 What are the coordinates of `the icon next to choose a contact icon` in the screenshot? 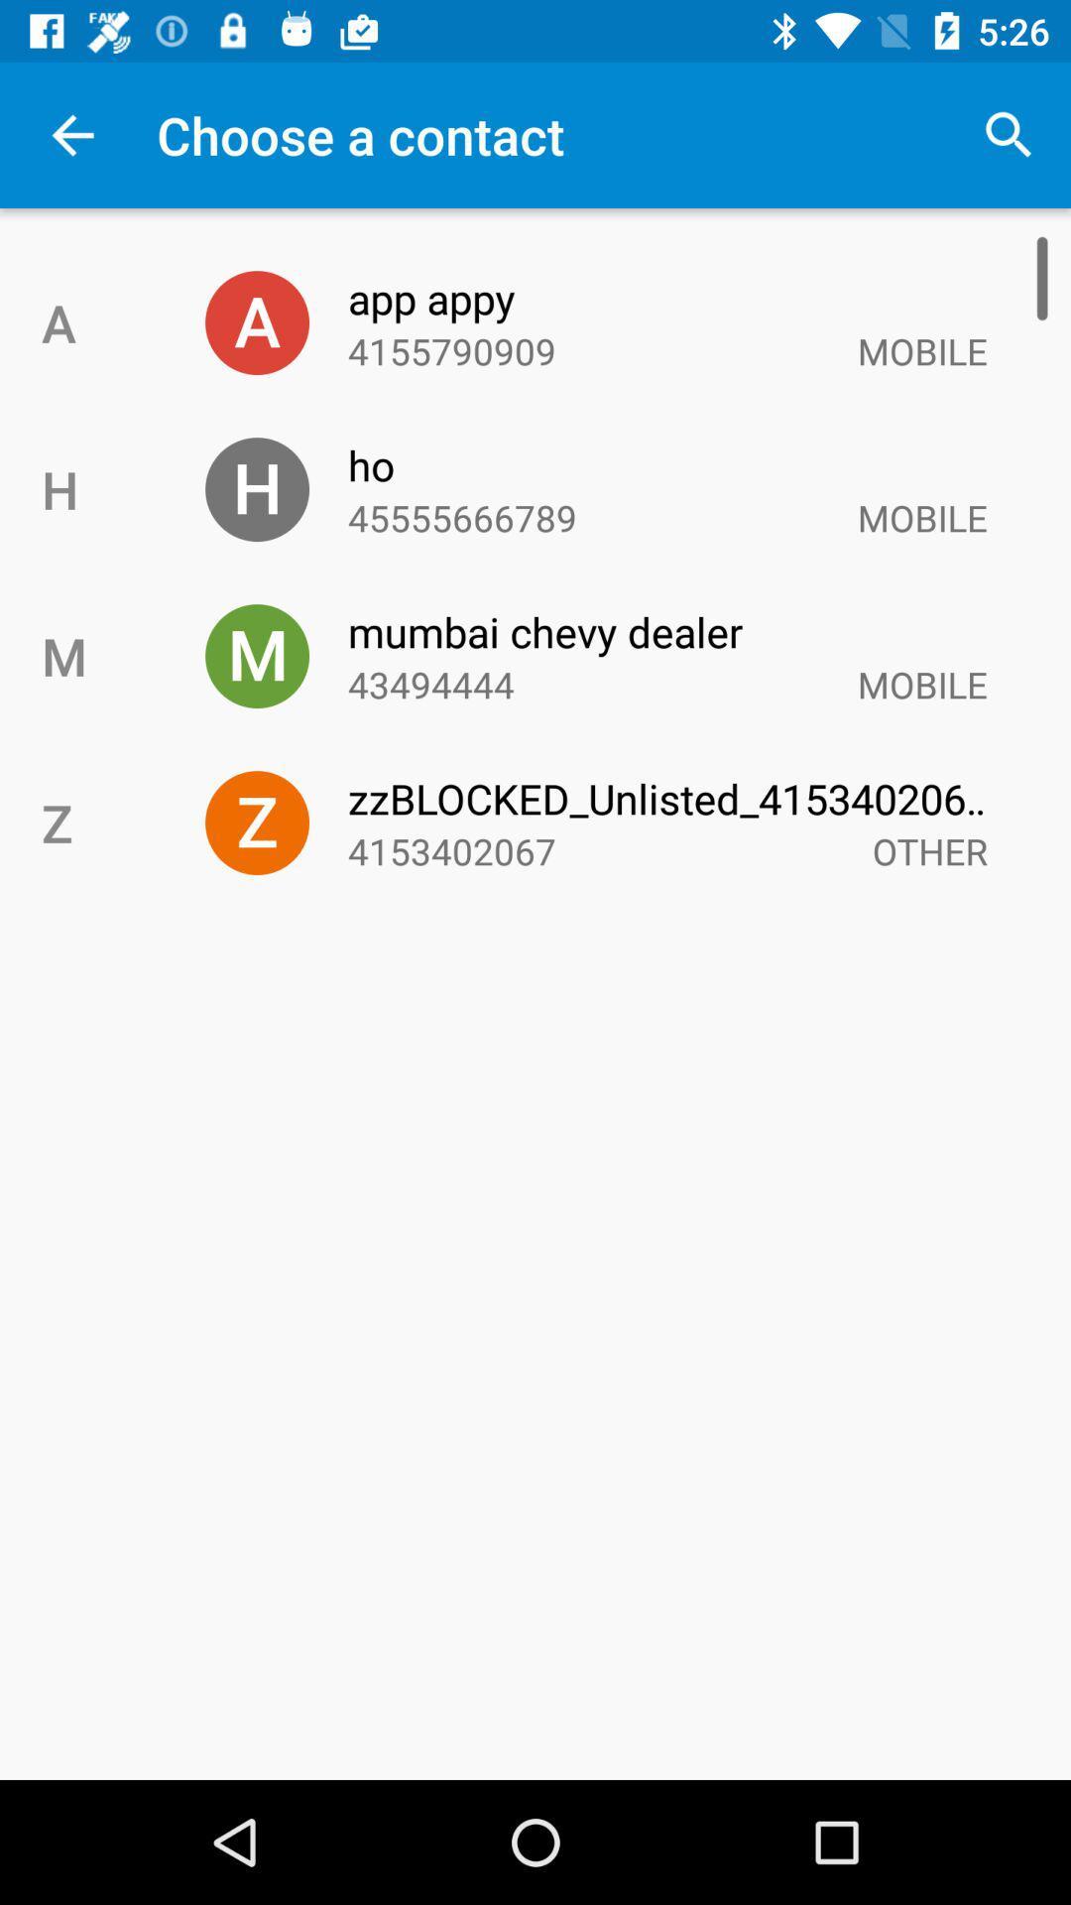 It's located at (1009, 134).